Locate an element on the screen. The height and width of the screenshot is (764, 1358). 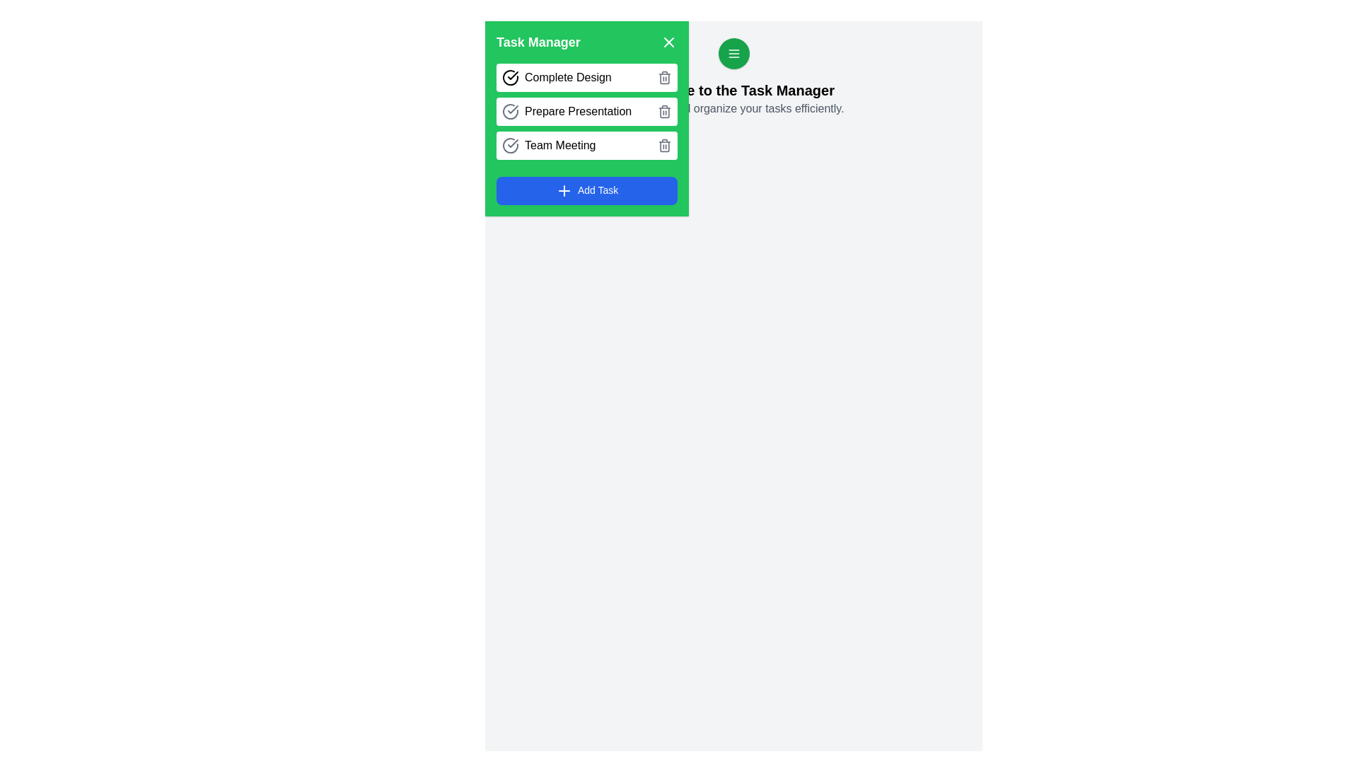
'Add Task' button to initiate adding a new task is located at coordinates (587, 191).